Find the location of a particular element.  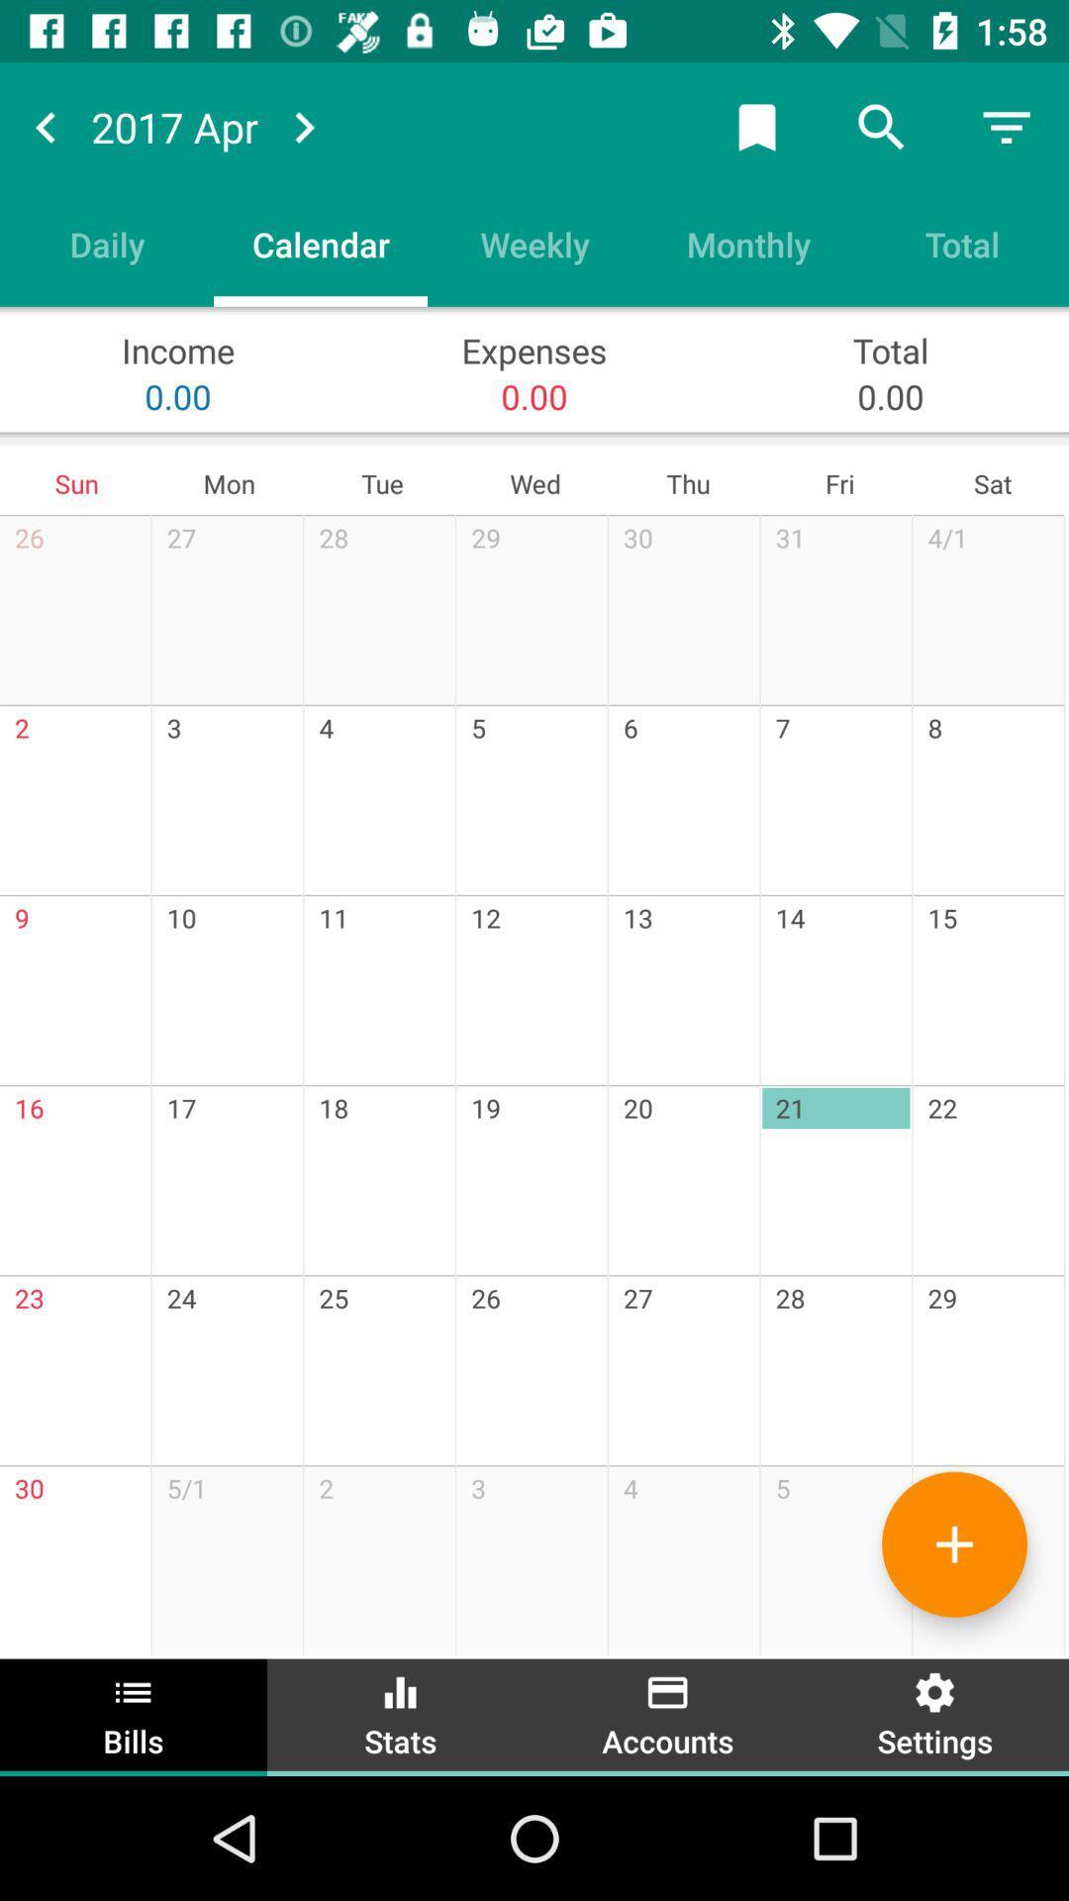

scroll months forward is located at coordinates (304, 126).